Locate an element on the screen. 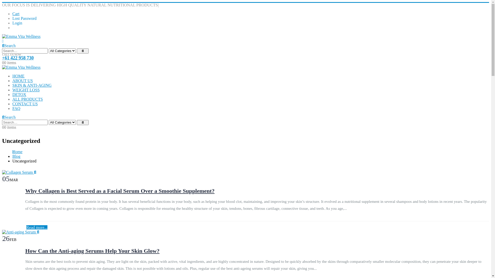 The image size is (495, 278). 'Search' is located at coordinates (9, 45).